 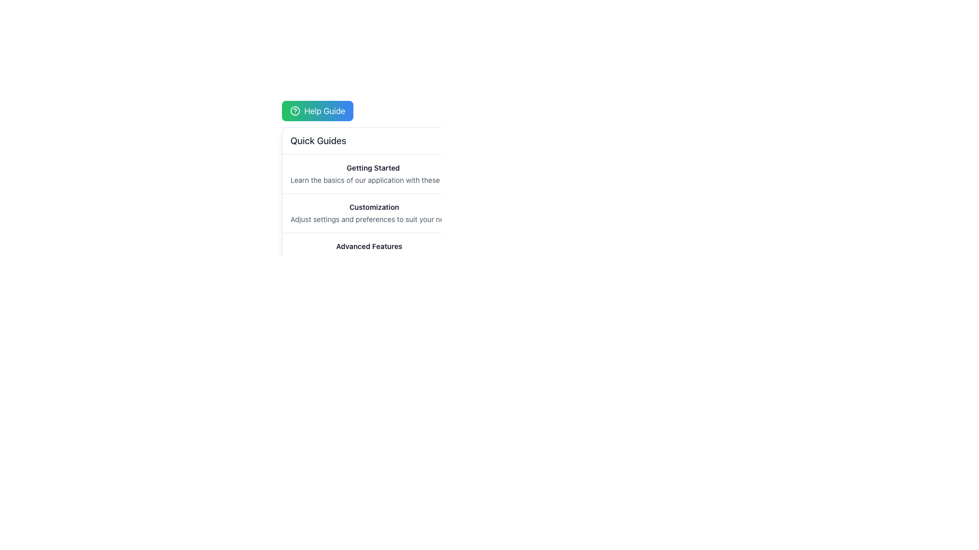 I want to click on the Text element titled 'Advanced Features' that provides information on powerful tools to maximize productivity, located at the bottom of a vertical list of guide topics, so click(x=379, y=252).